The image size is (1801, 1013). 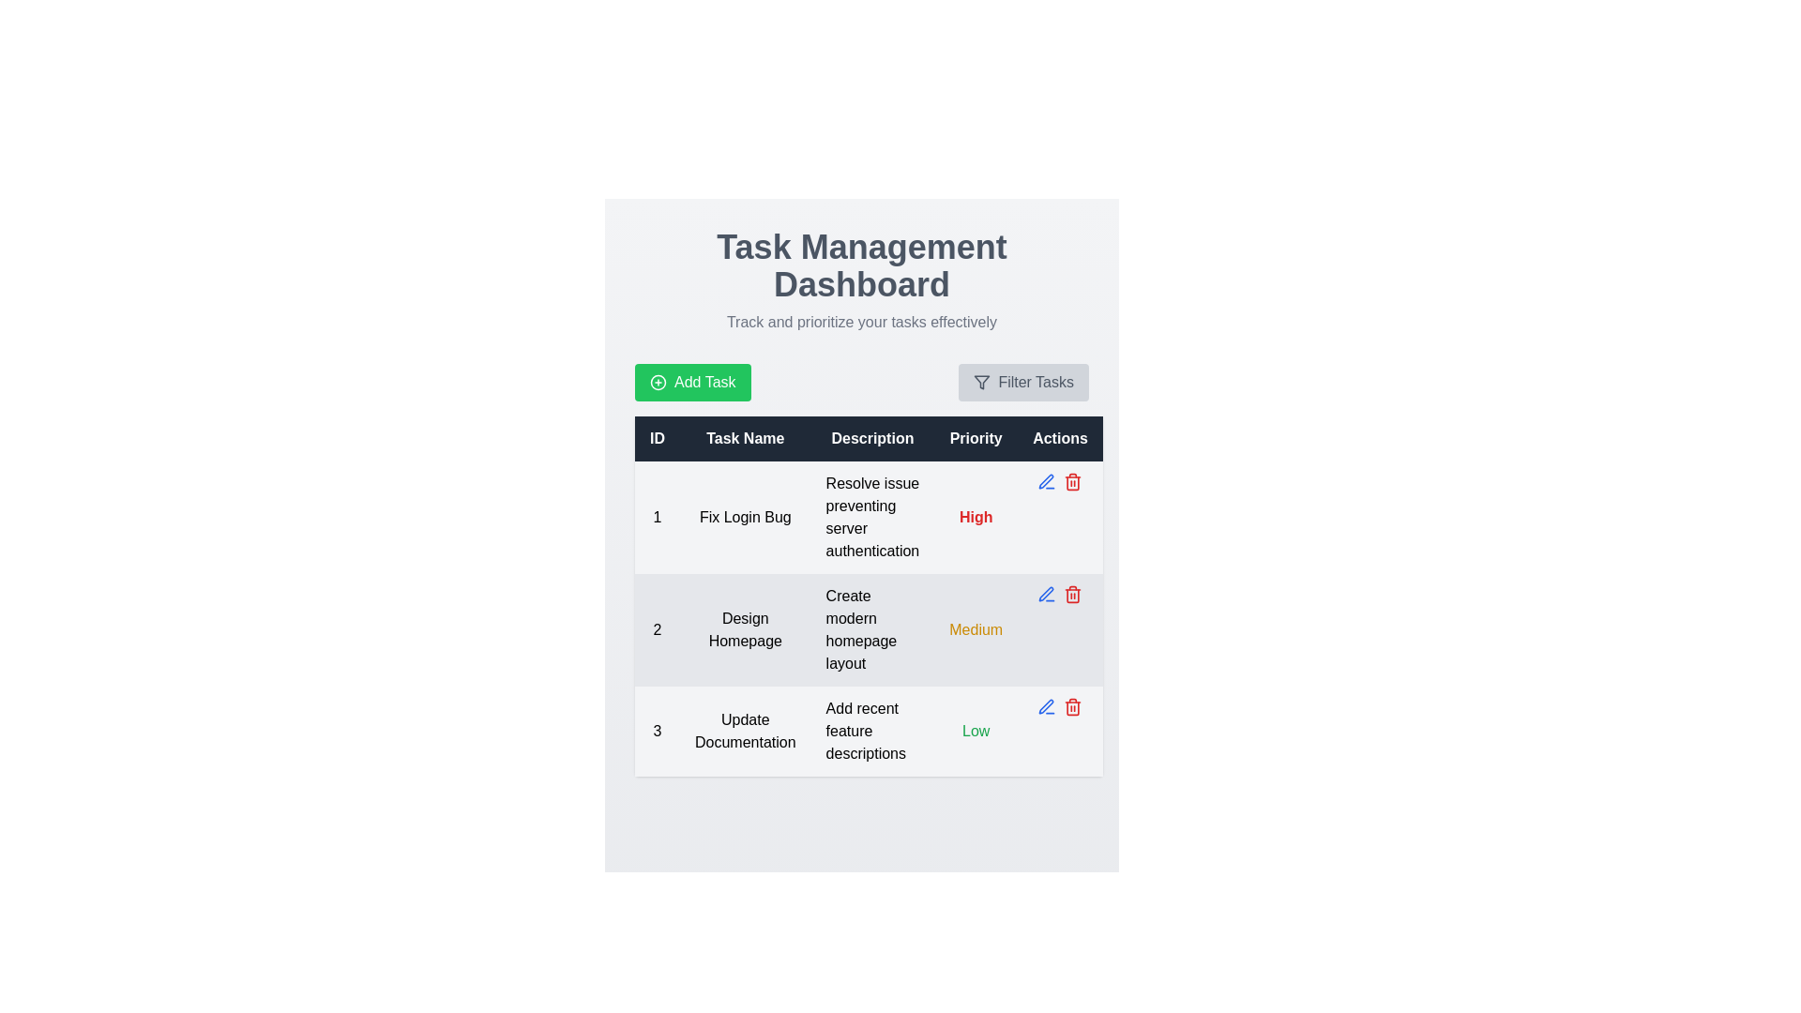 What do you see at coordinates (1073, 482) in the screenshot?
I see `the trash can icon button located in the 'Actions' column of the task management table` at bounding box center [1073, 482].